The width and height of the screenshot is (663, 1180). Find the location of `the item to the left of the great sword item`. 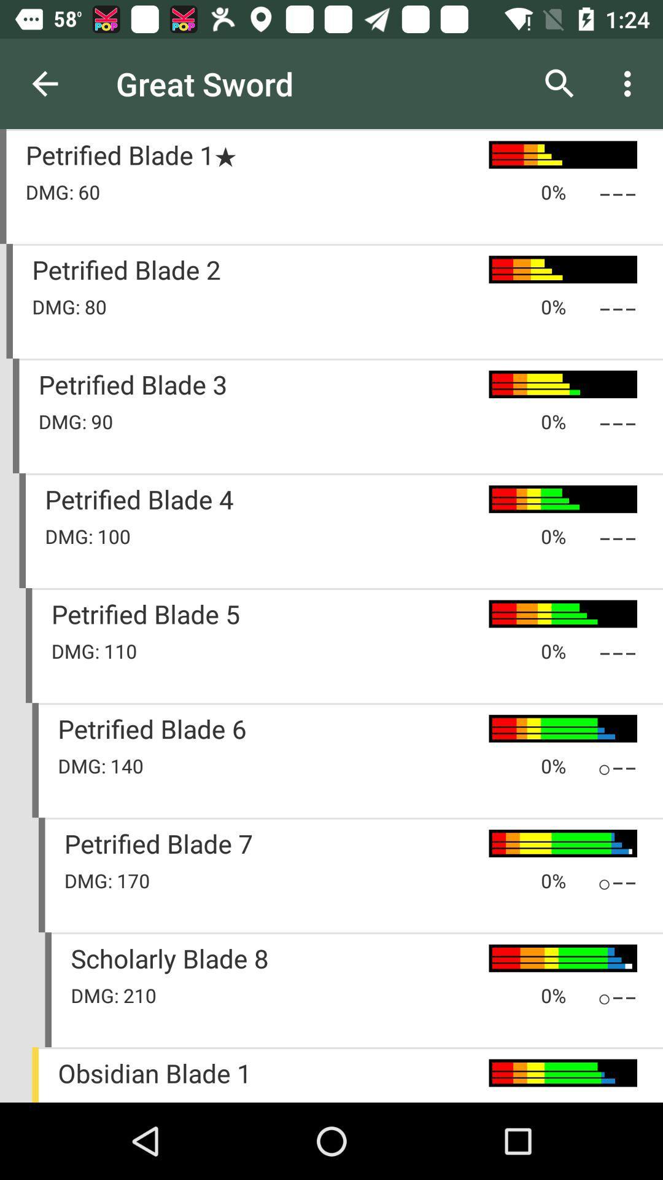

the item to the left of the great sword item is located at coordinates (44, 83).